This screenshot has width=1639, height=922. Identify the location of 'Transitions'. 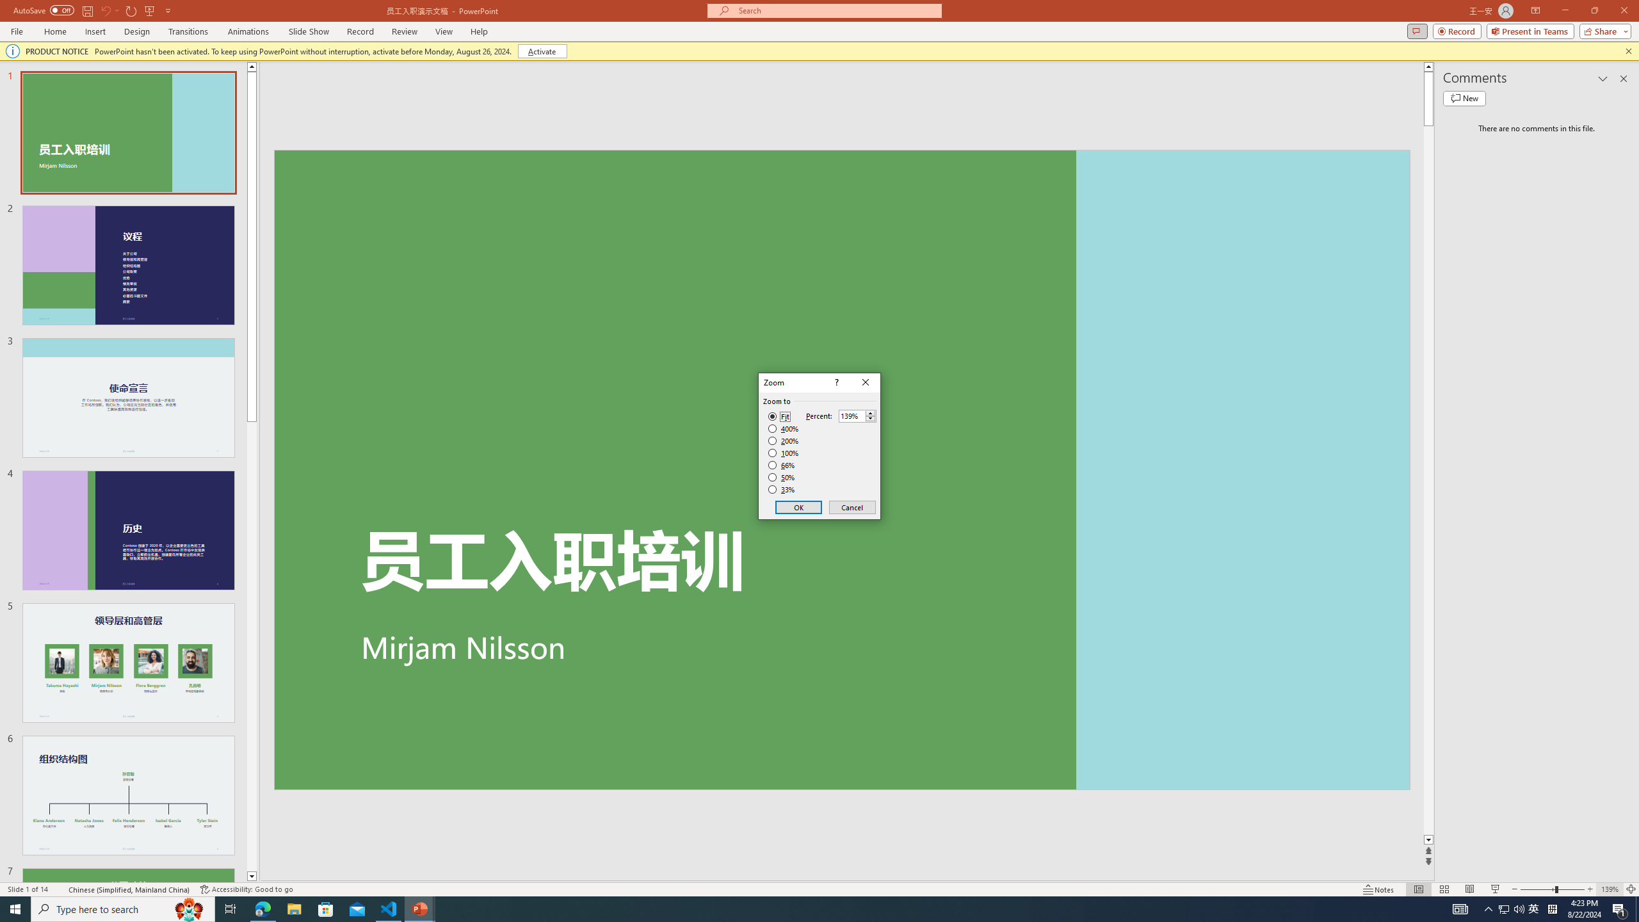
(188, 31).